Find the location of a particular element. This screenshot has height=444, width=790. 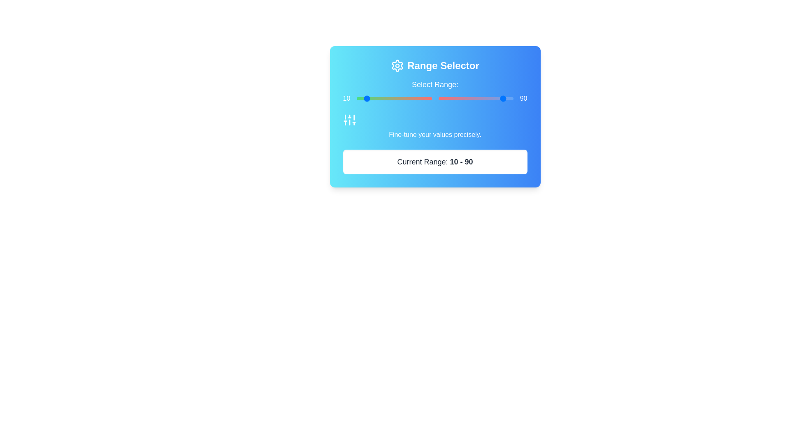

the slider to set the value to 57 is located at coordinates (446, 98).